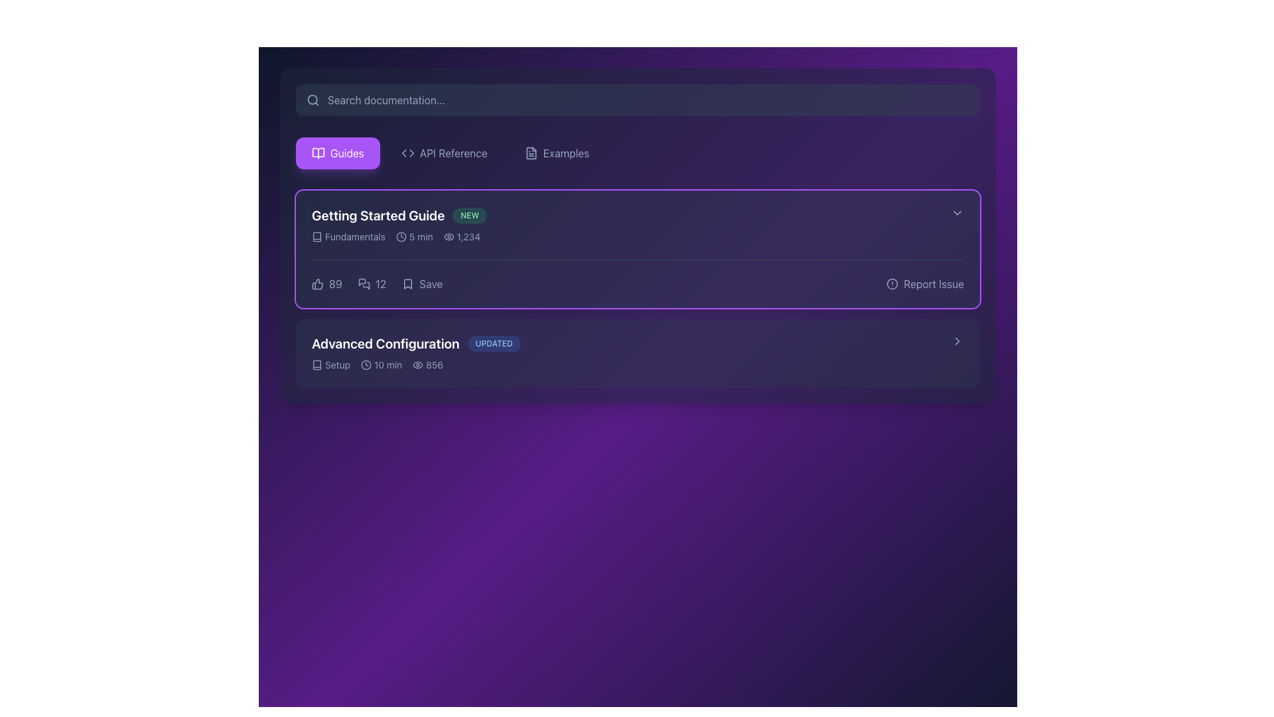 The image size is (1274, 717). I want to click on the navigation icon located at the far right of the 'Advanced Configuration' list item, so click(957, 340).